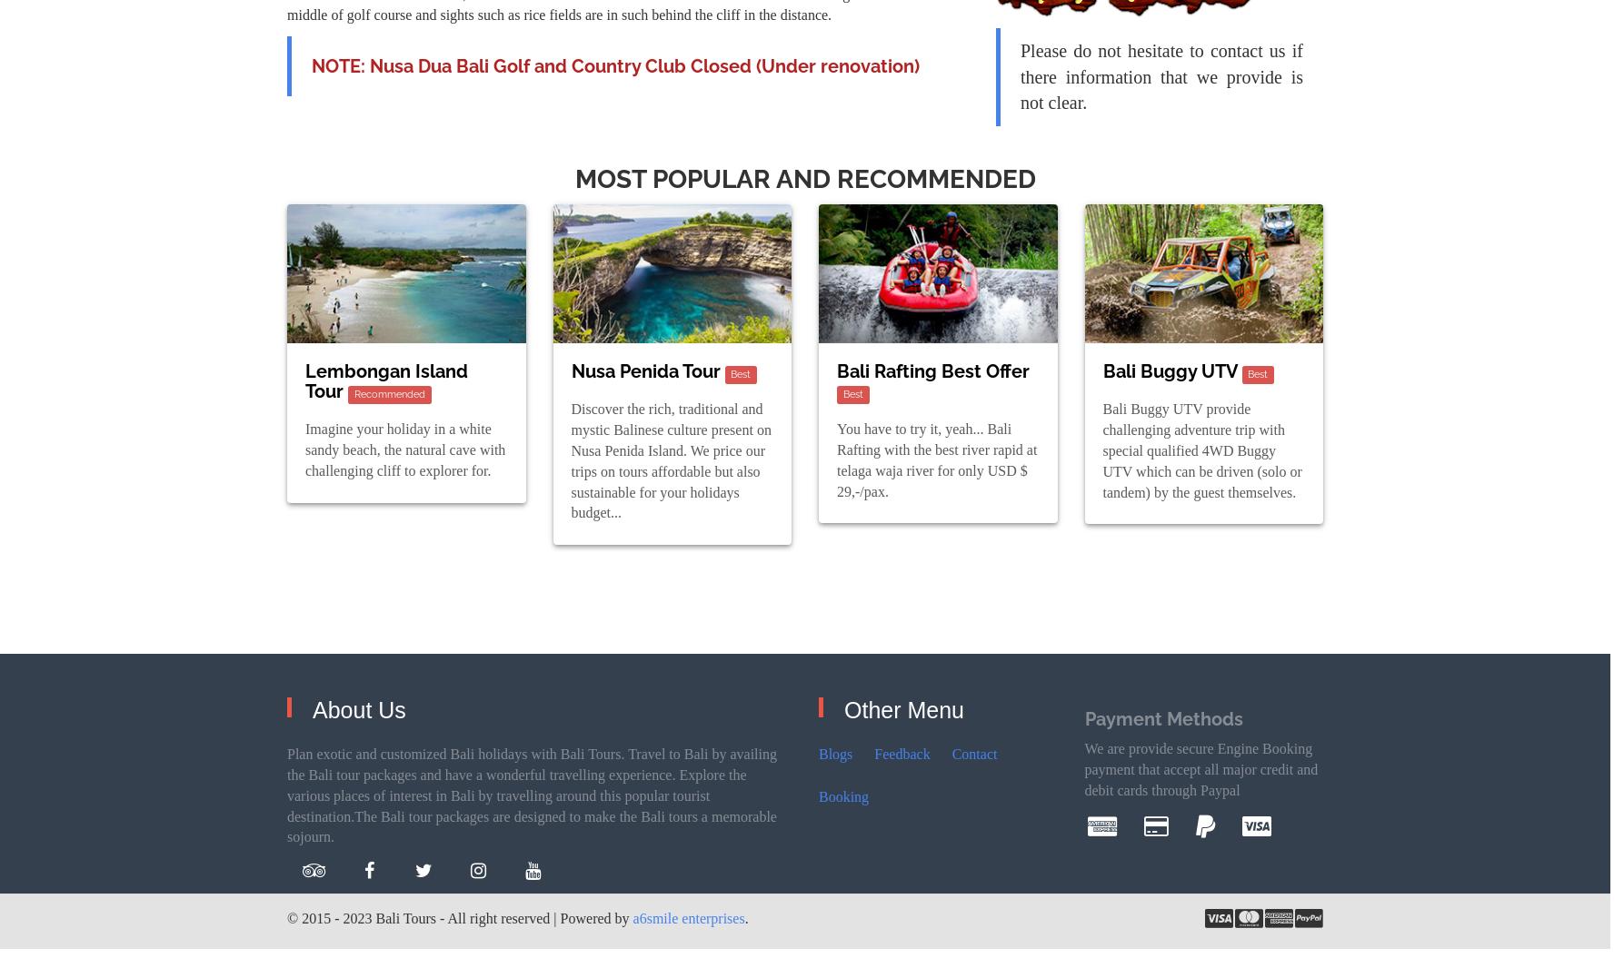  Describe the element at coordinates (688, 917) in the screenshot. I see `'a6smile enterprises'` at that location.